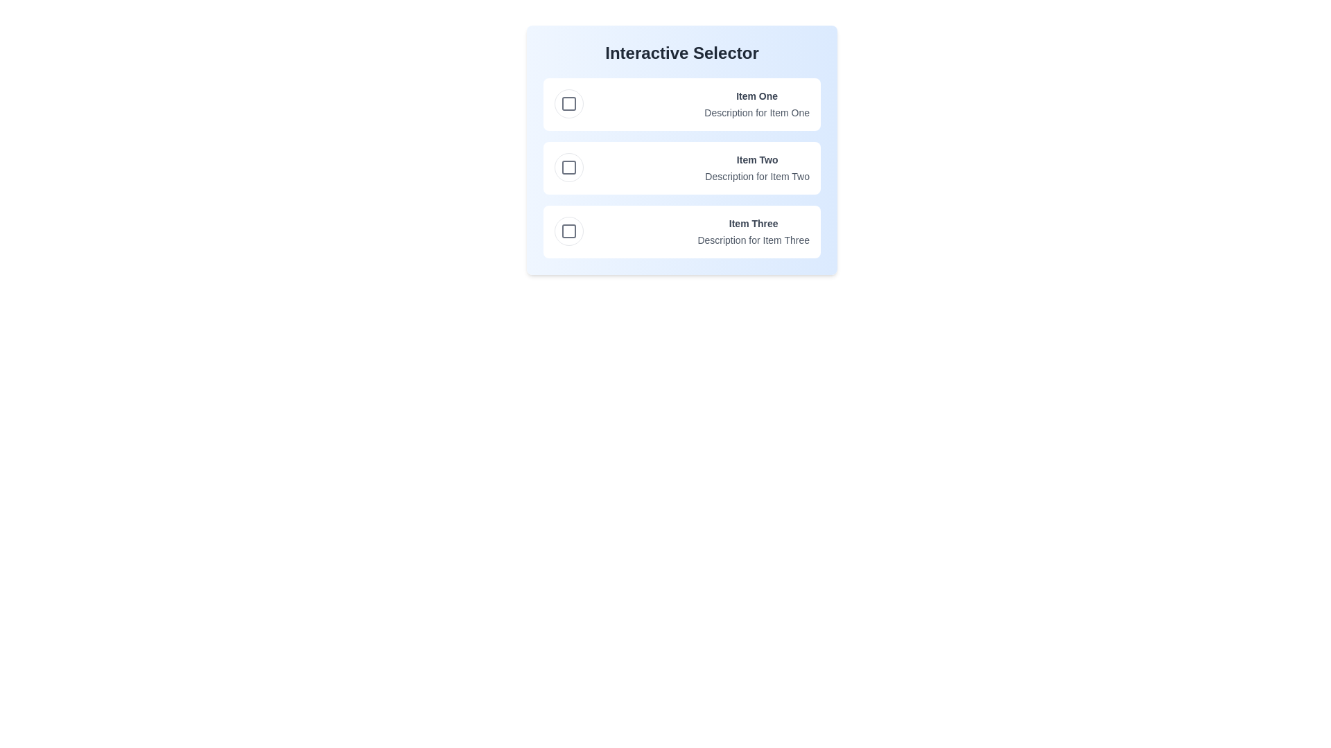  What do you see at coordinates (568, 103) in the screenshot?
I see `the circular button containing a hollow square icon, which is the first in a vertical list associated with 'Item One Description for Item One'` at bounding box center [568, 103].